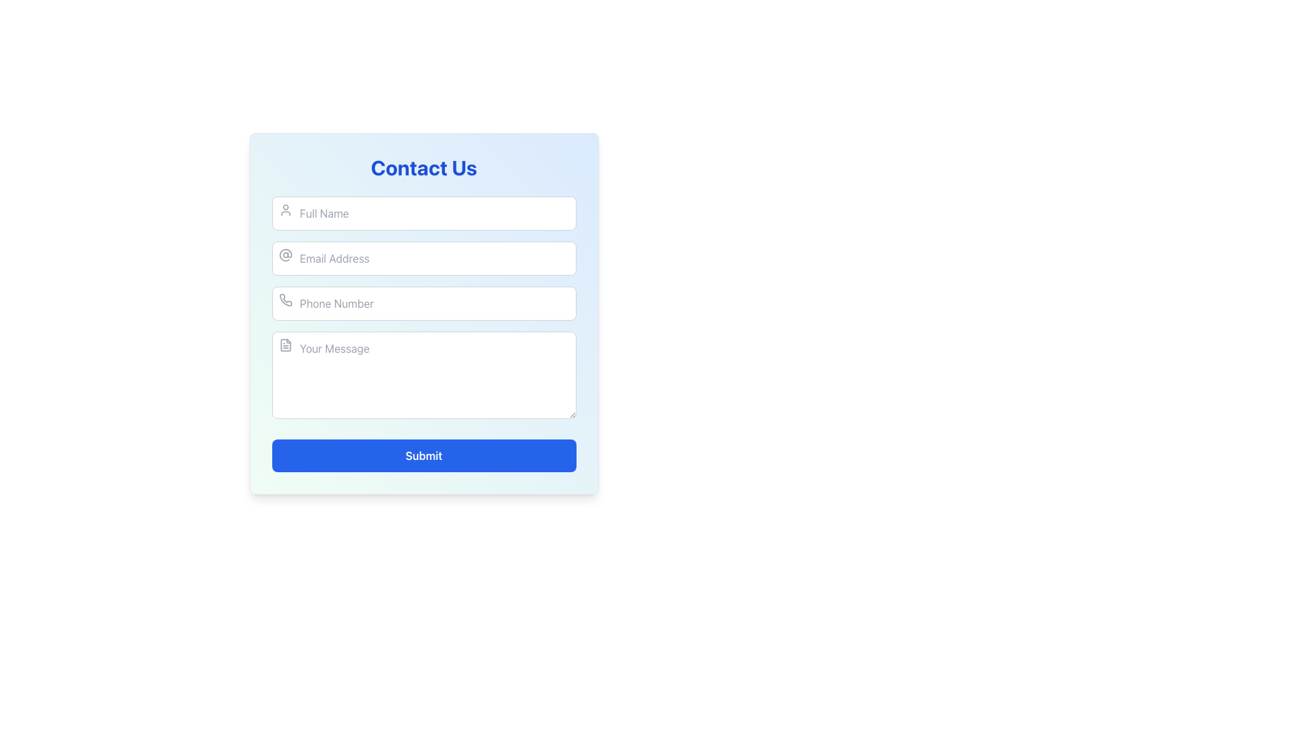  What do you see at coordinates (423, 313) in the screenshot?
I see `the third input field for phone number in the 'Contact Us' form` at bounding box center [423, 313].